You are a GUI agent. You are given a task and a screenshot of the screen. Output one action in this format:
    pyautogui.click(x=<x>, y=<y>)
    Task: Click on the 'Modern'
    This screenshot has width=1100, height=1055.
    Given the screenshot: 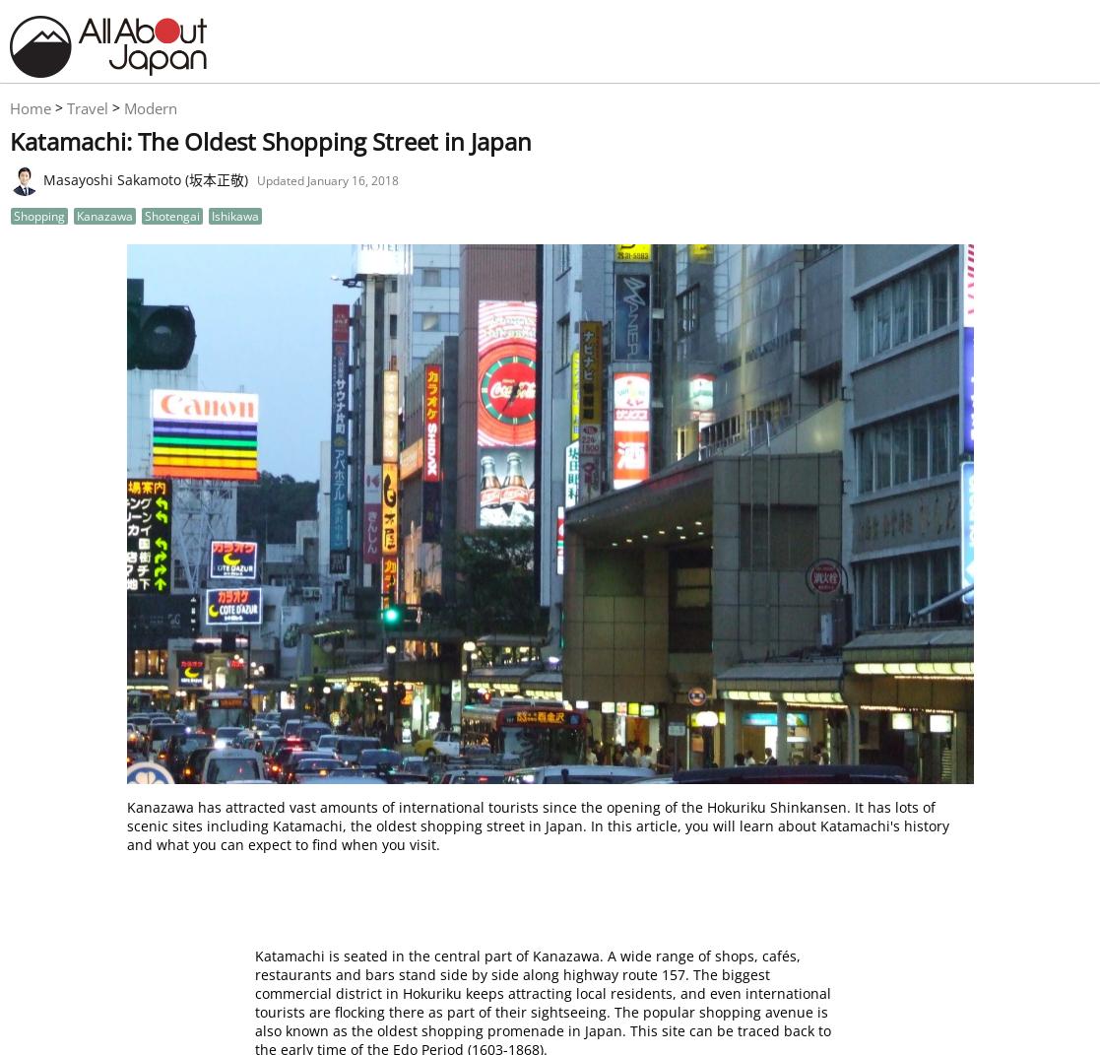 What is the action you would take?
    pyautogui.click(x=151, y=107)
    